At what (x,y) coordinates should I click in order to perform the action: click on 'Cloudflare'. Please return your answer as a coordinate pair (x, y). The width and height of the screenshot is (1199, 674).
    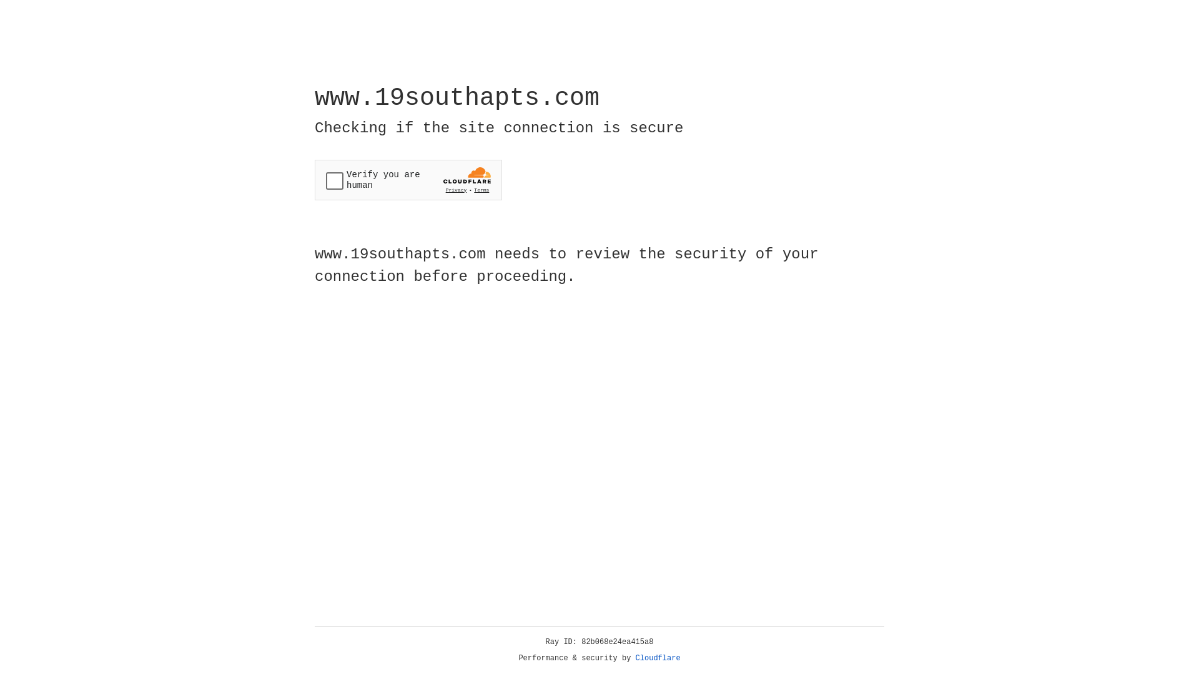
    Looking at the image, I should click on (658, 658).